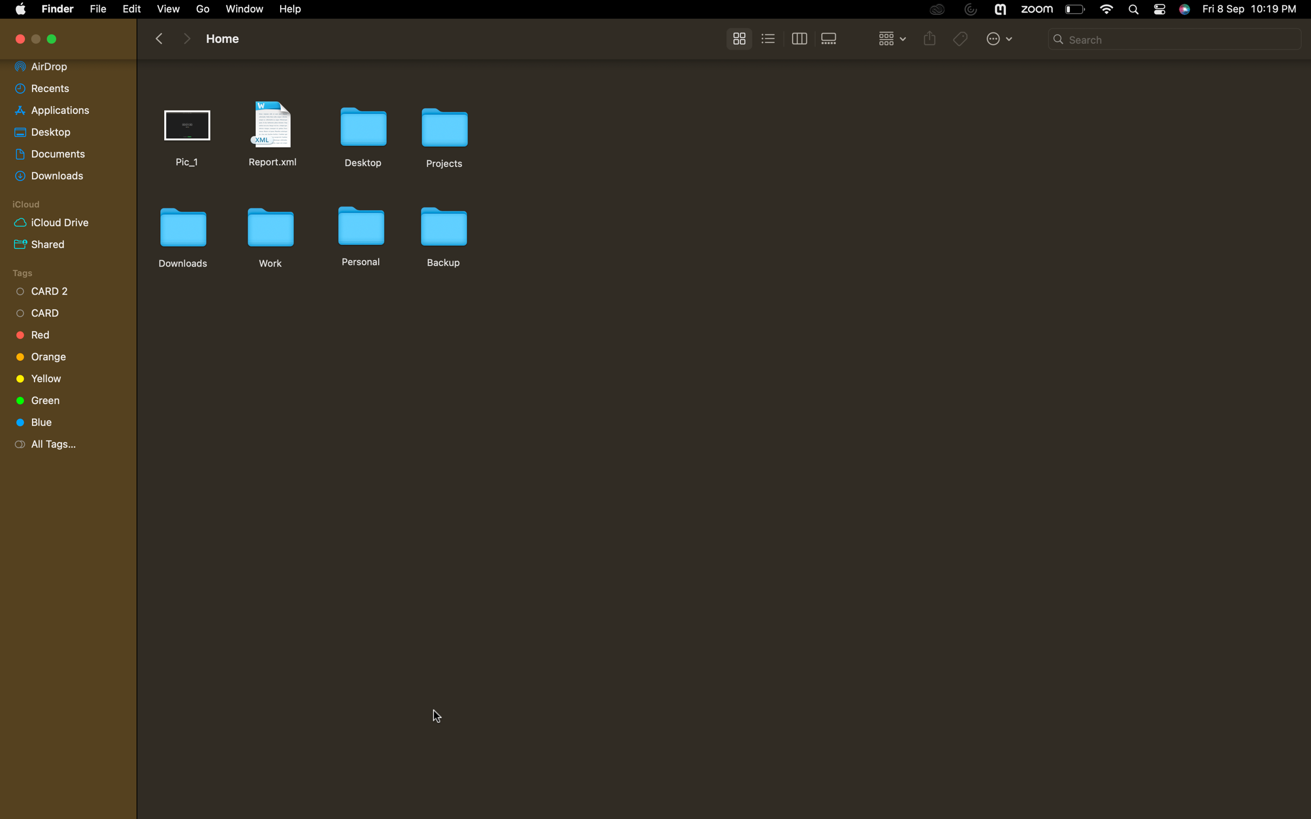  I want to click on Change the name of the personal directory to home, so click(359, 234).